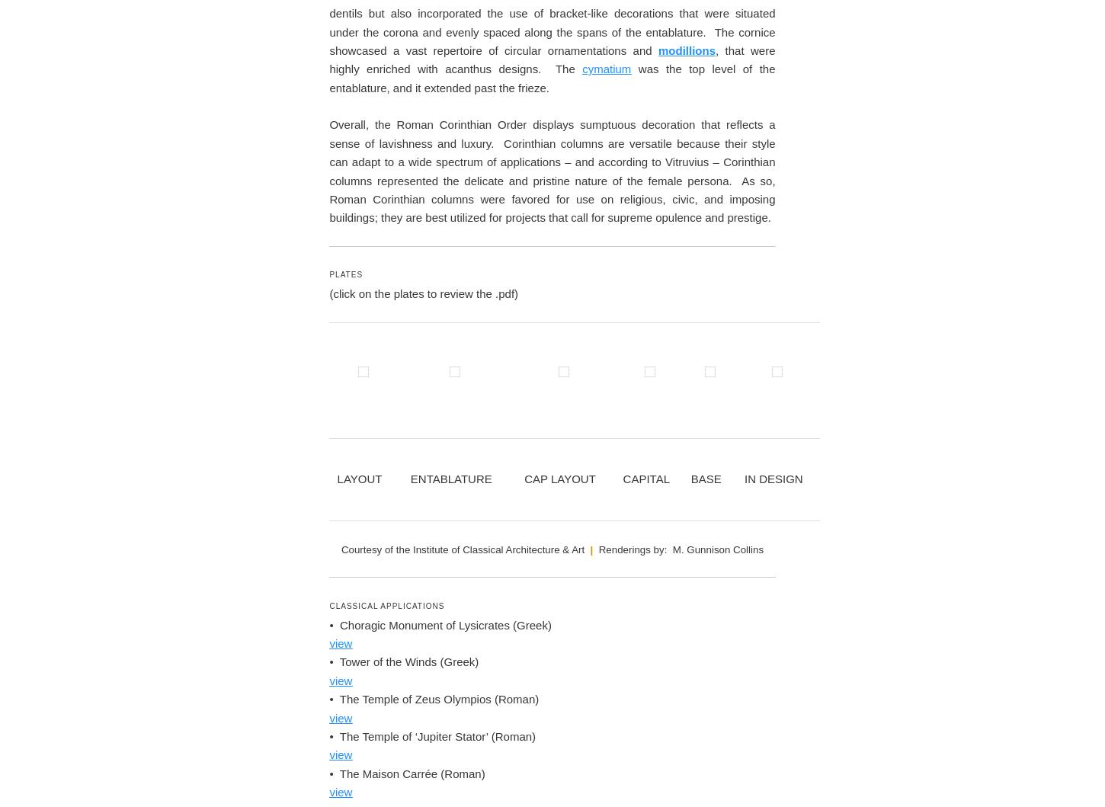 The image size is (1105, 807). I want to click on 'NOTE:', so click(524, 189).